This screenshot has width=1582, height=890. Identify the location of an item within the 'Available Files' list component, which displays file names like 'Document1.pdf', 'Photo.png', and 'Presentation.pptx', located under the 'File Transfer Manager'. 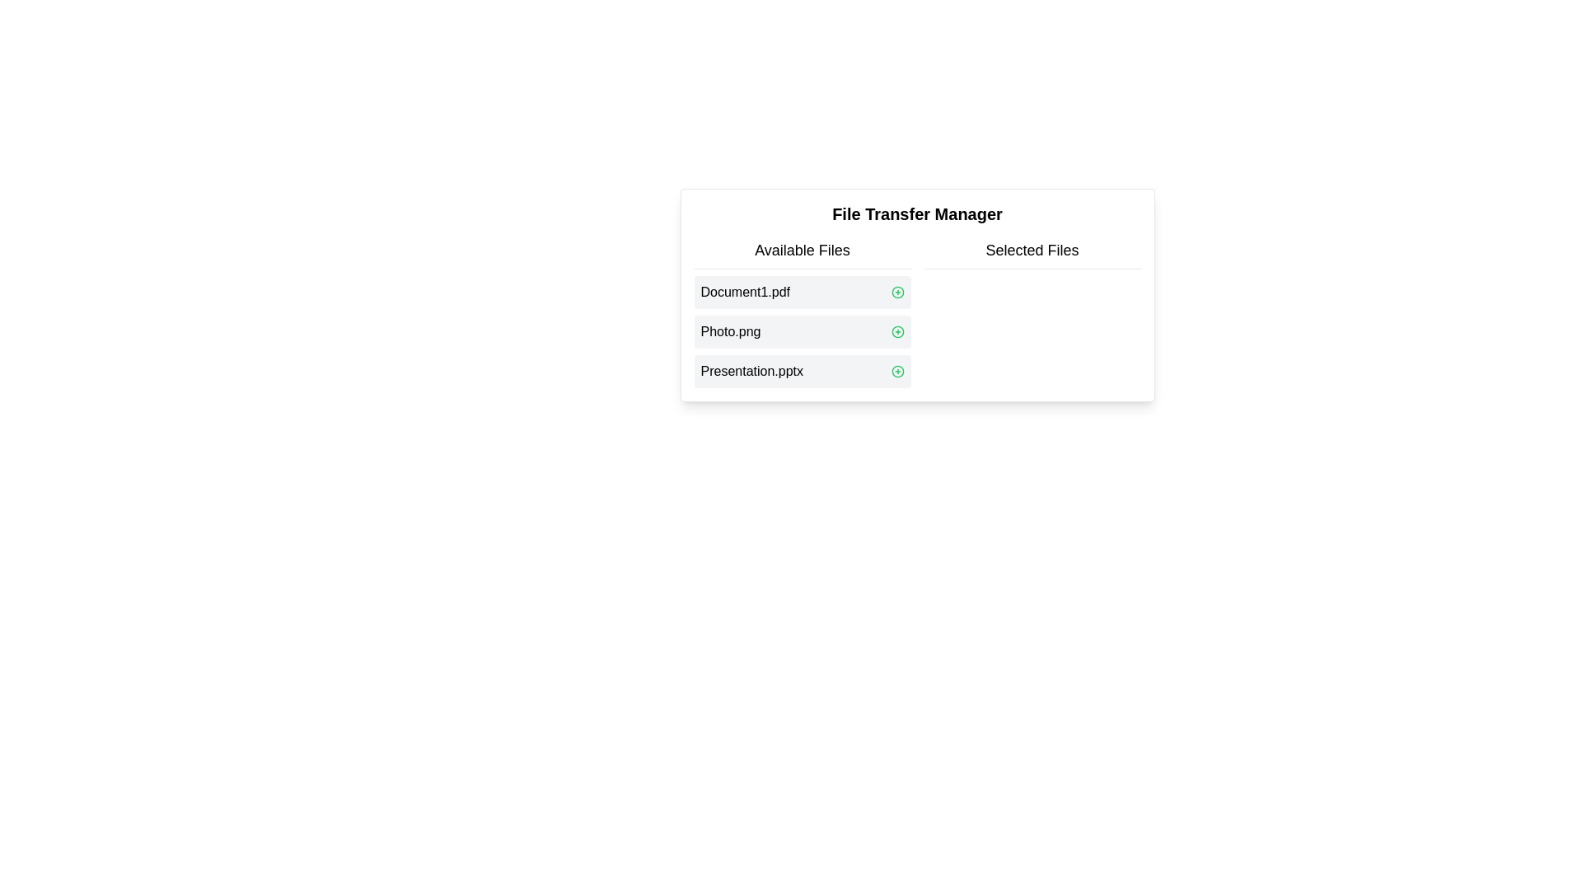
(803, 313).